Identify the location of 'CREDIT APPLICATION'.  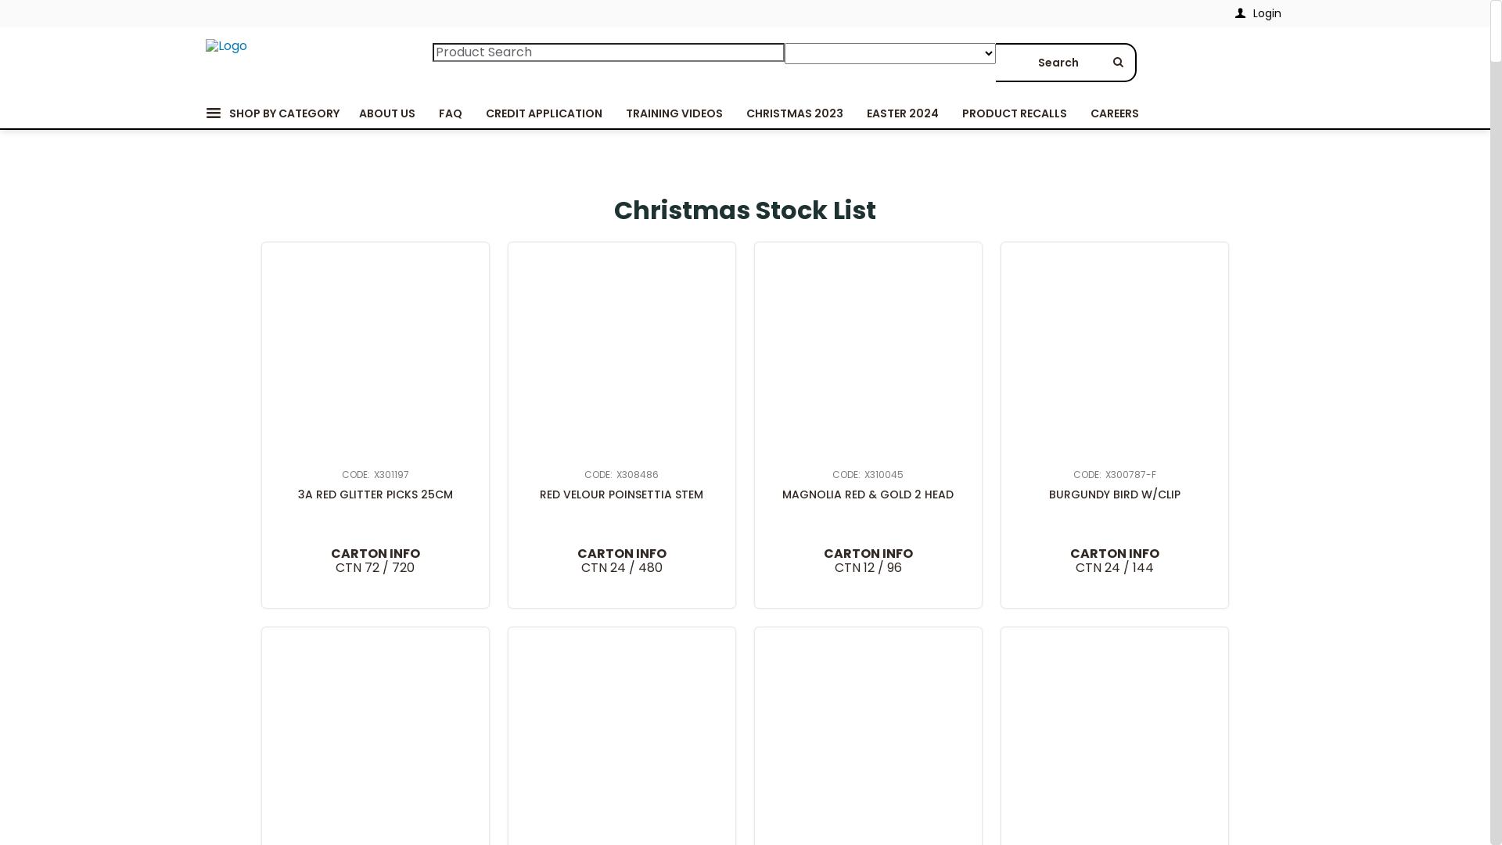
(473, 113).